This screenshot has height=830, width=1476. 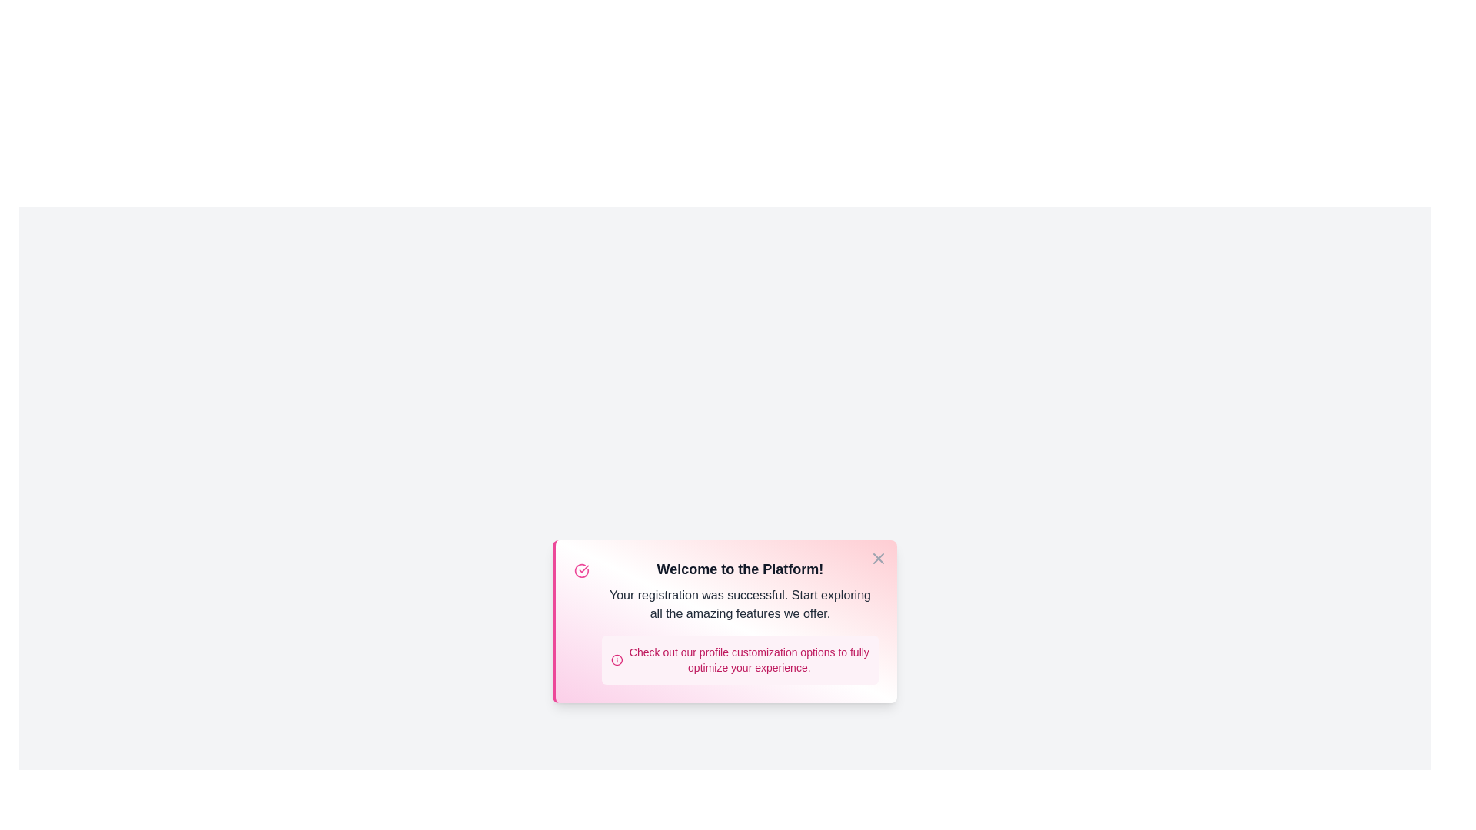 What do you see at coordinates (739, 659) in the screenshot?
I see `the informational section inside the alert` at bounding box center [739, 659].